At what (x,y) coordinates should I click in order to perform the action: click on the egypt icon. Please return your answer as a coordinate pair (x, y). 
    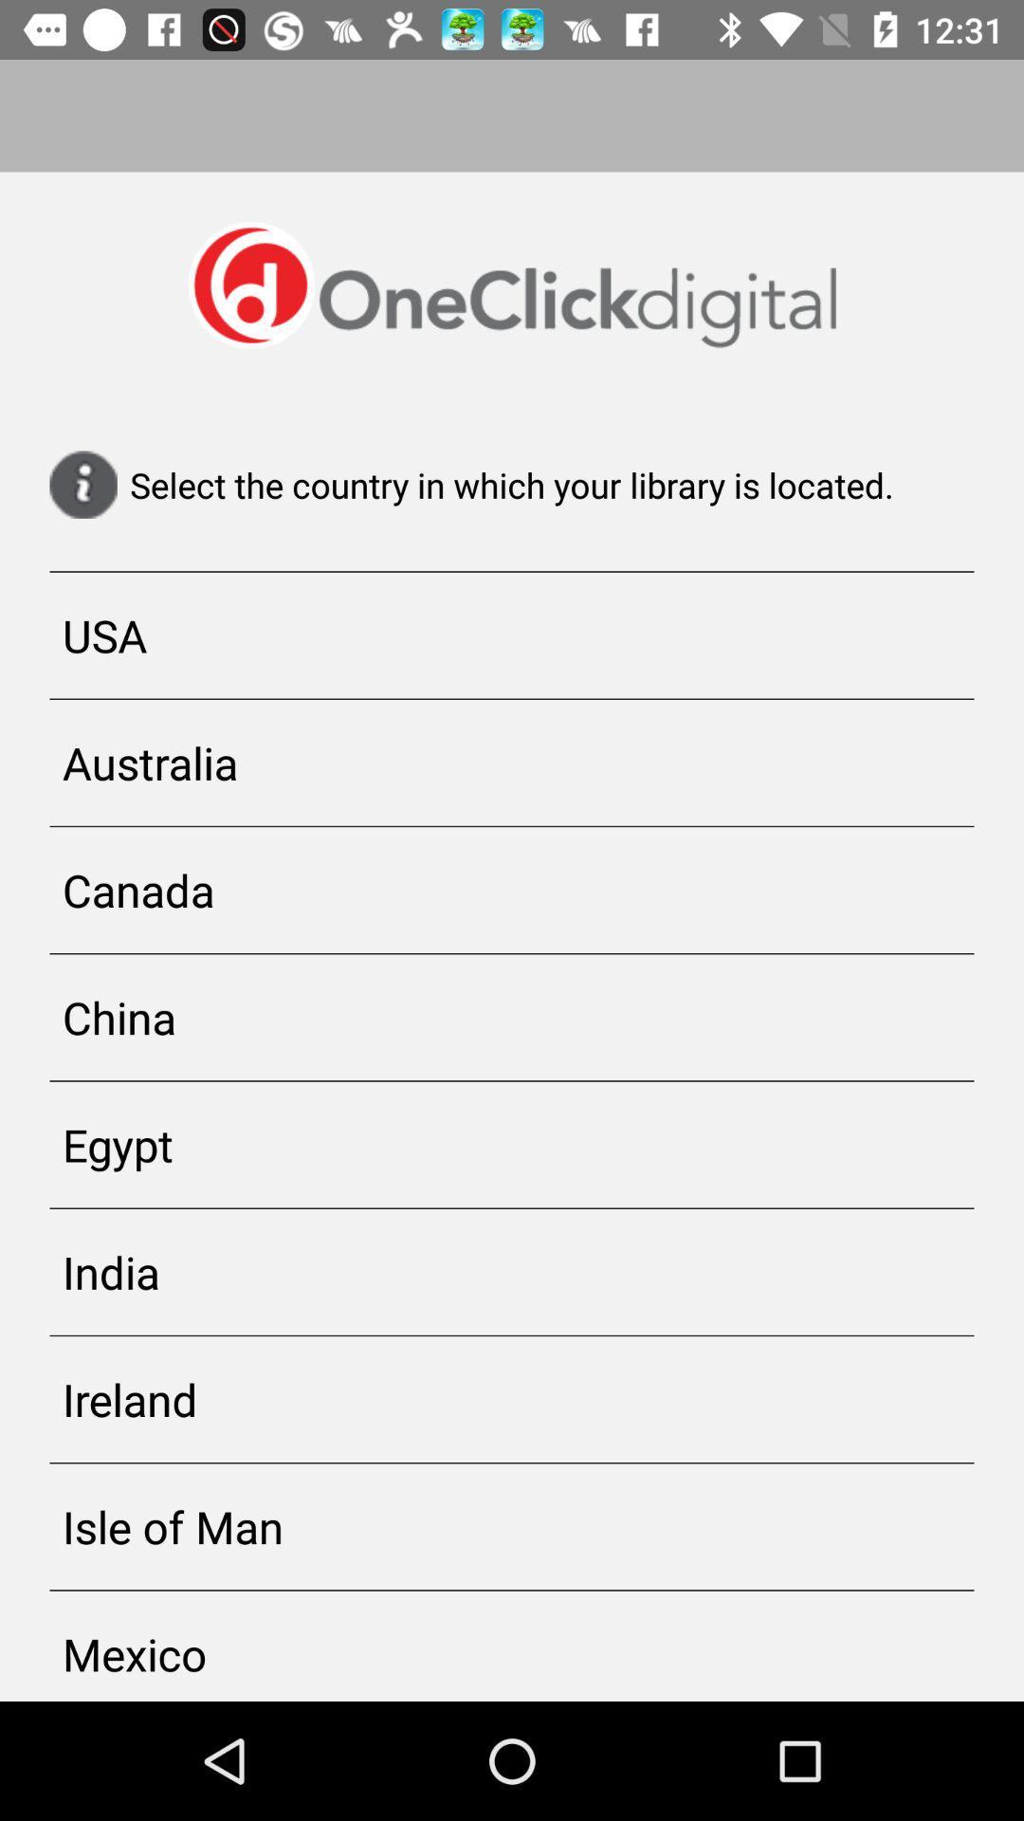
    Looking at the image, I should click on (512, 1144).